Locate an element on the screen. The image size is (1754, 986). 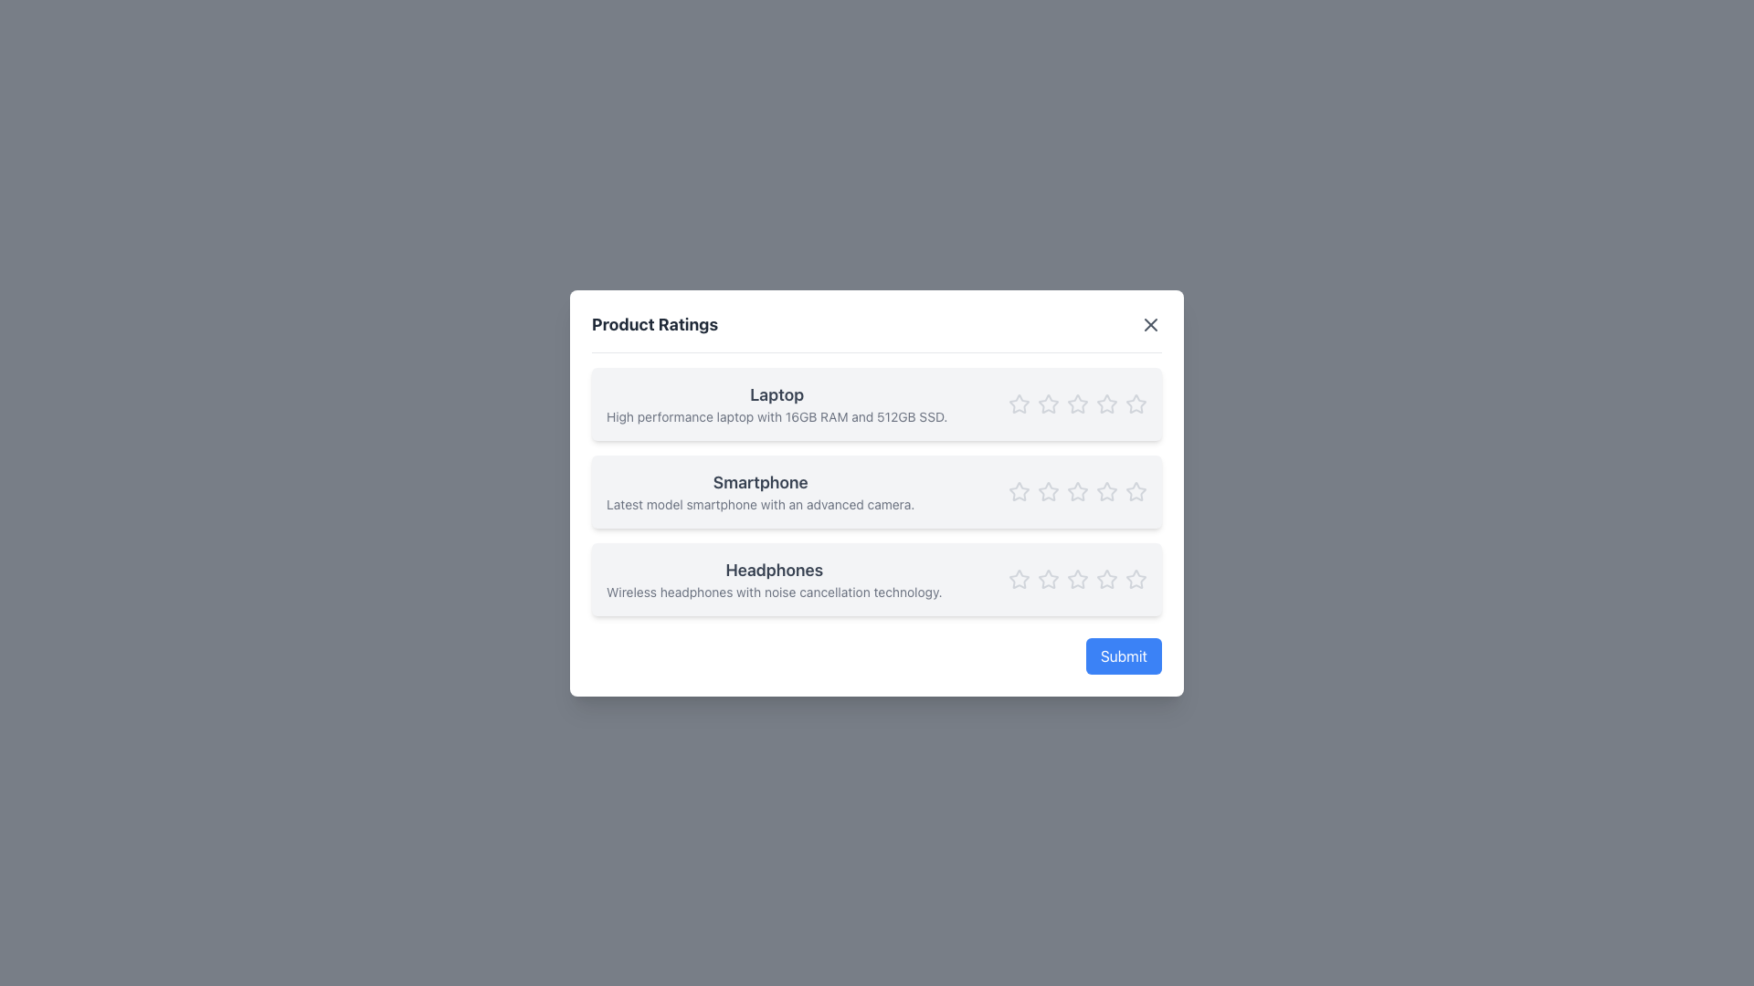
the fifth star icon in the rating system for the 'Headphones' item is located at coordinates (1078, 578).